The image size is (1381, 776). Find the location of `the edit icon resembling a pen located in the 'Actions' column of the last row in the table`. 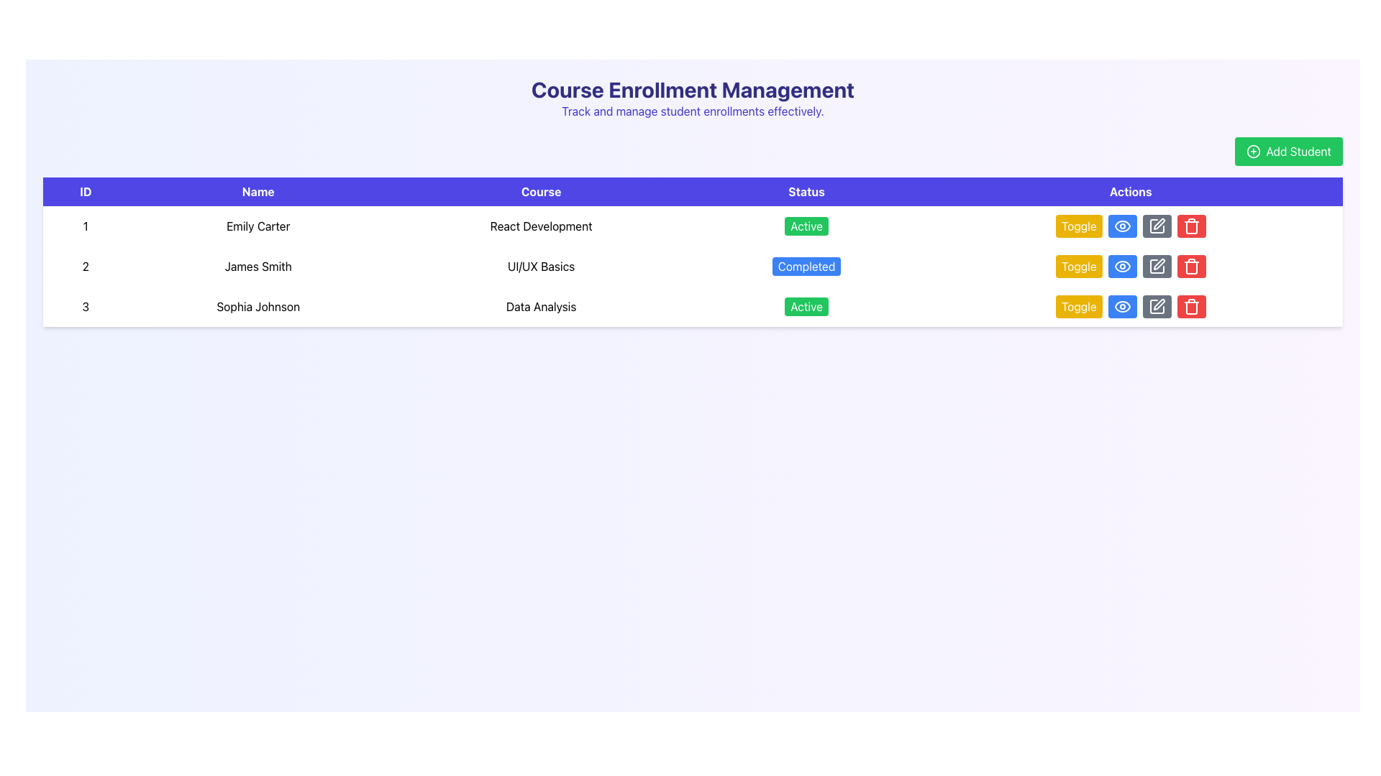

the edit icon resembling a pen located in the 'Actions' column of the last row in the table is located at coordinates (1159, 264).